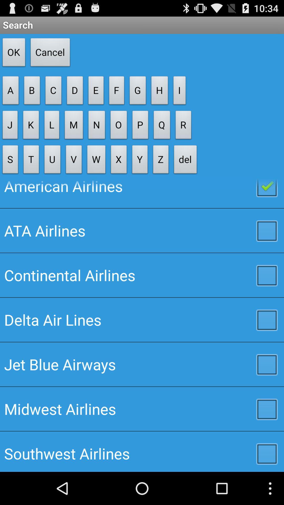 This screenshot has width=284, height=505. What do you see at coordinates (142, 275) in the screenshot?
I see `continental airlines item` at bounding box center [142, 275].